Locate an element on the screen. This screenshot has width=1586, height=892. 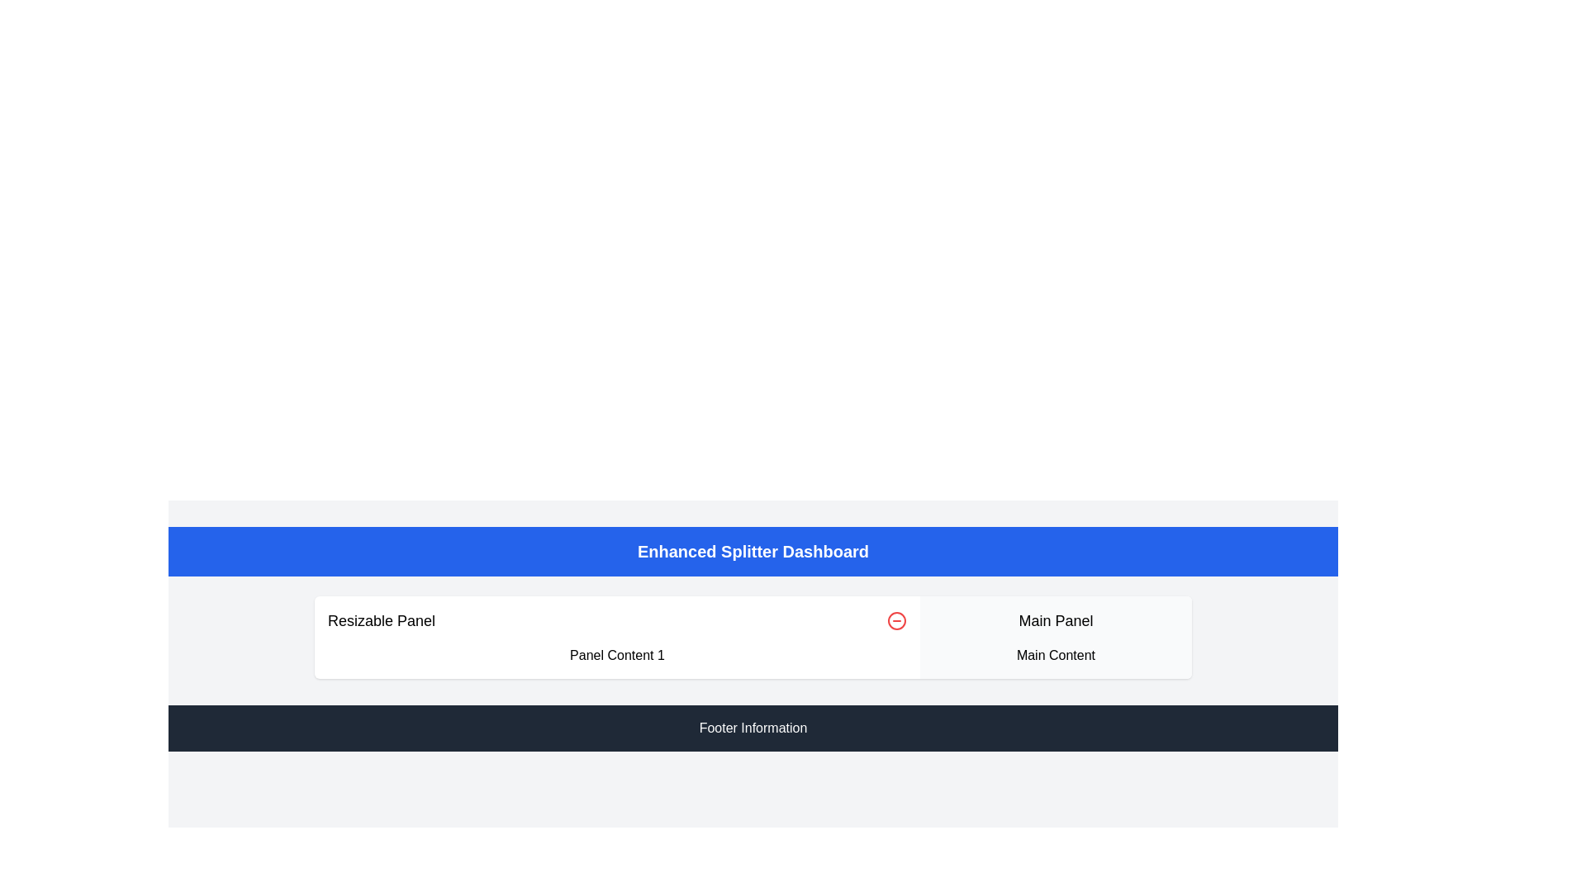
text content displayed in the Text Display element located beneath the heading 'Resizable Panel' is located at coordinates (616, 655).